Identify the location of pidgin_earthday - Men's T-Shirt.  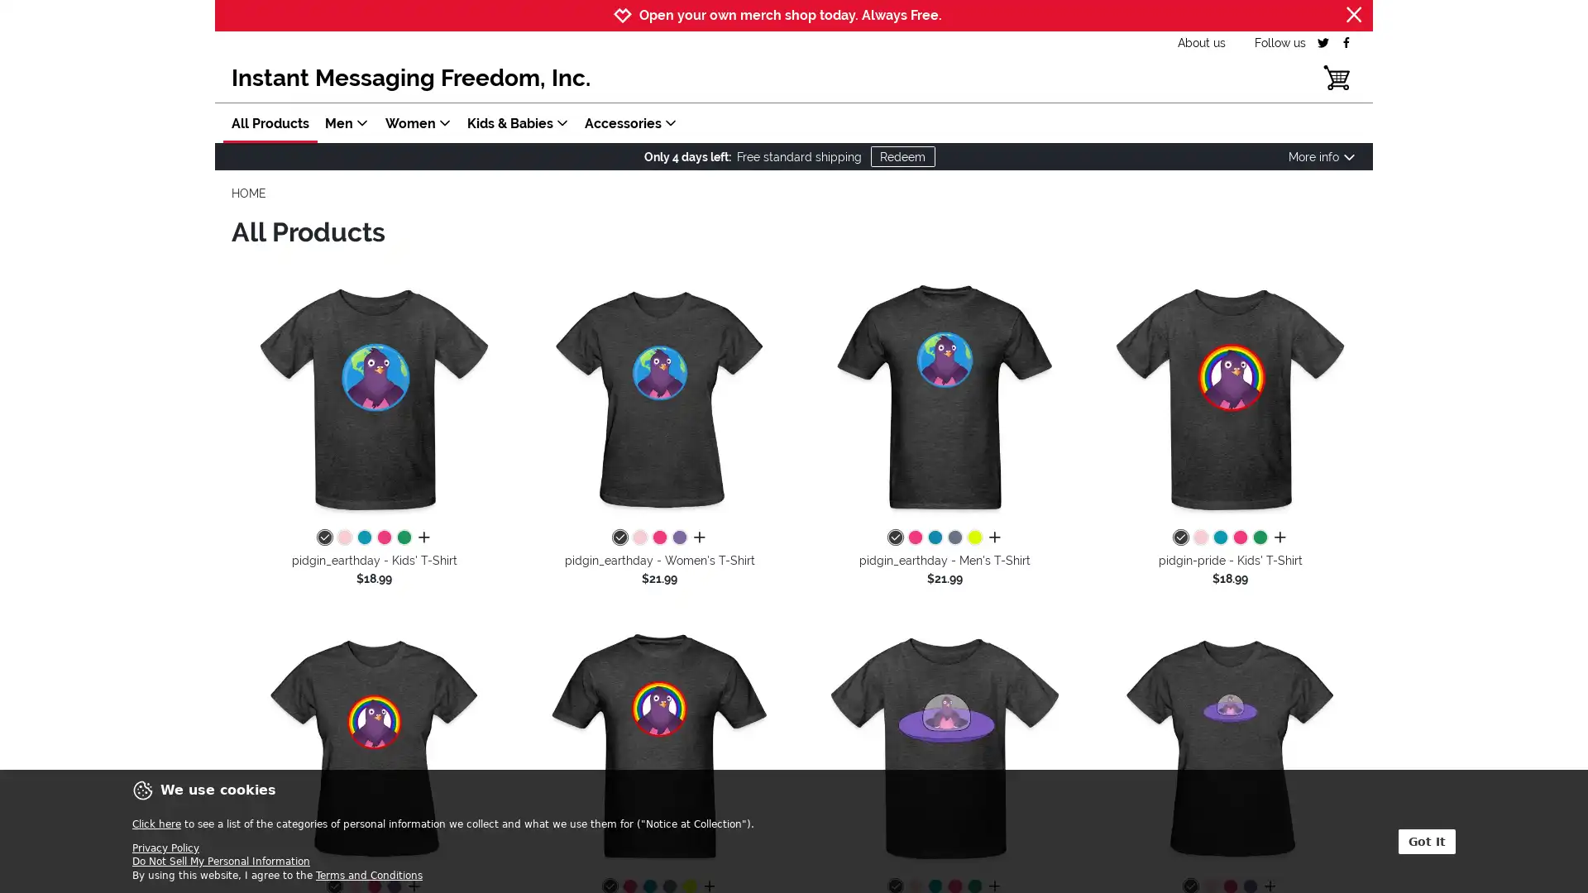
(945, 399).